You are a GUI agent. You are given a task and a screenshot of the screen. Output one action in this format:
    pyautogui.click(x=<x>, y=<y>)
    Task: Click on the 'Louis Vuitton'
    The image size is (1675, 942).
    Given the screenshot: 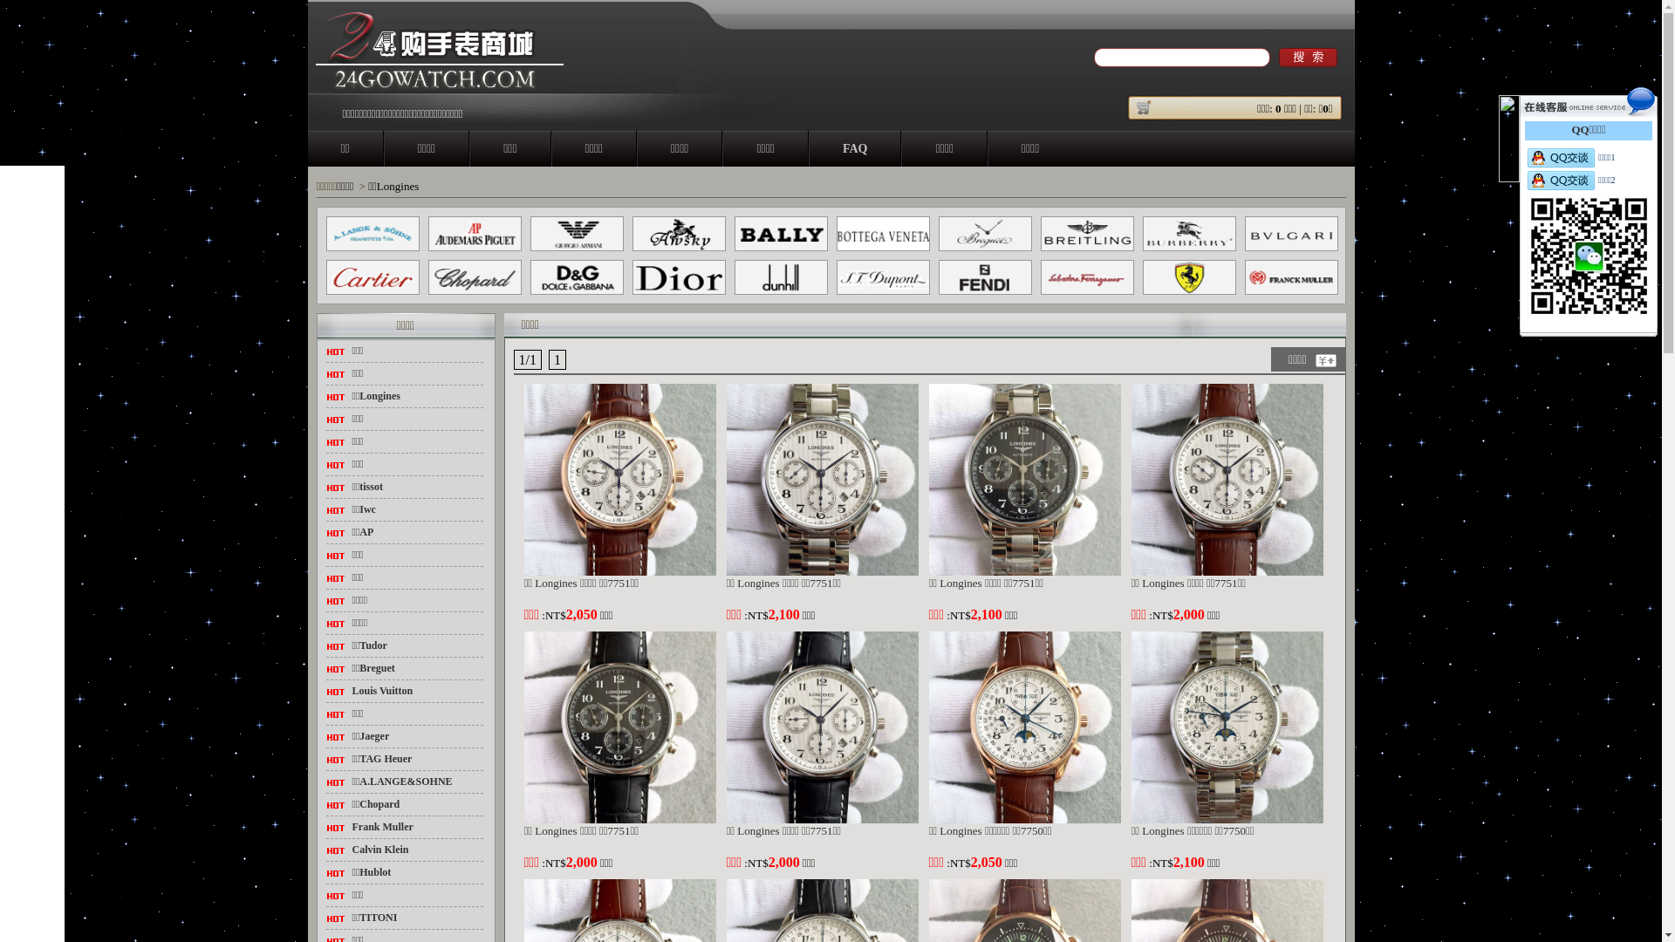 What is the action you would take?
    pyautogui.click(x=381, y=689)
    